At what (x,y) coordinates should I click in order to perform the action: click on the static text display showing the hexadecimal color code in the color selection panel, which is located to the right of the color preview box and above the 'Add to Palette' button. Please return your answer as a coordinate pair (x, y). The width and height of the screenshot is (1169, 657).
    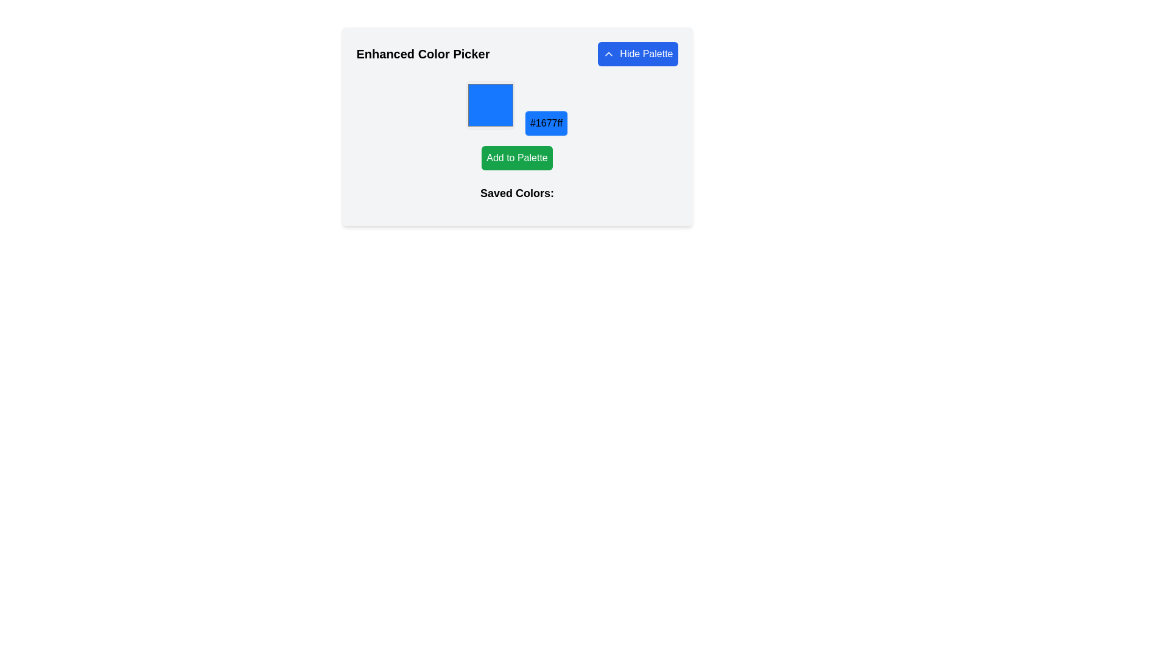
    Looking at the image, I should click on (517, 108).